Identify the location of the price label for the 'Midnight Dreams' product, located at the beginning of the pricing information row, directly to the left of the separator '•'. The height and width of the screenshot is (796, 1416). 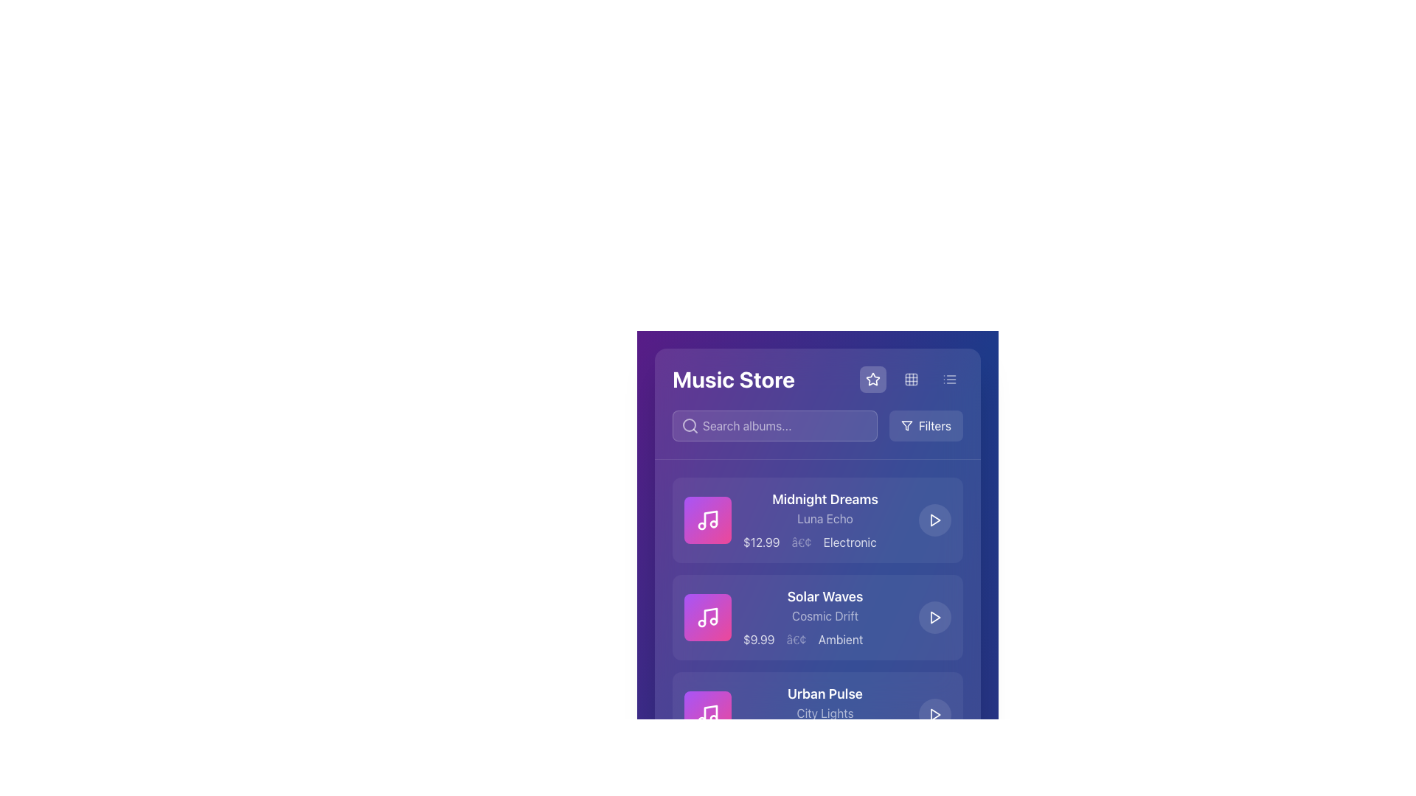
(761, 542).